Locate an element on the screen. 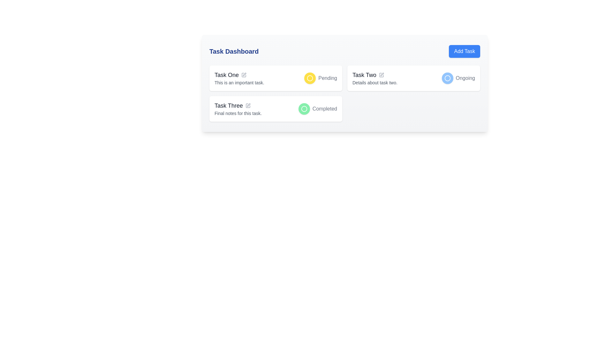  the text label indicating the completion status of the task in the 'Task Three' section, positioned to the right of the green circular icon is located at coordinates (325, 108).